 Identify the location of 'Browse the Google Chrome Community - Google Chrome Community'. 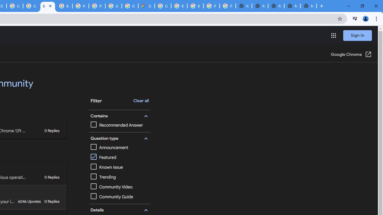
(47, 6).